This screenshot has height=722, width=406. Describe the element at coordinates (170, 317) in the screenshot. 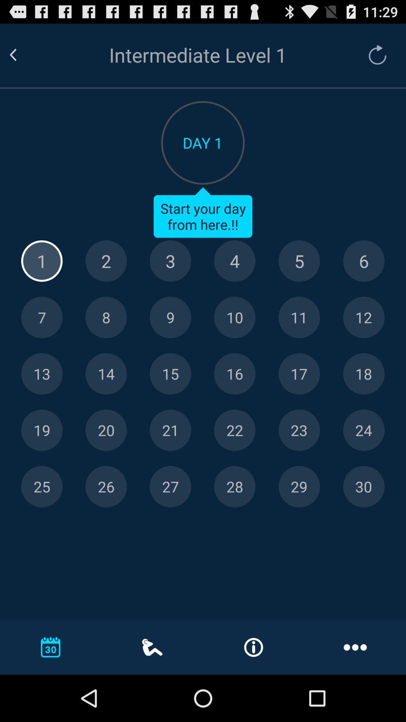

I see `the number` at that location.